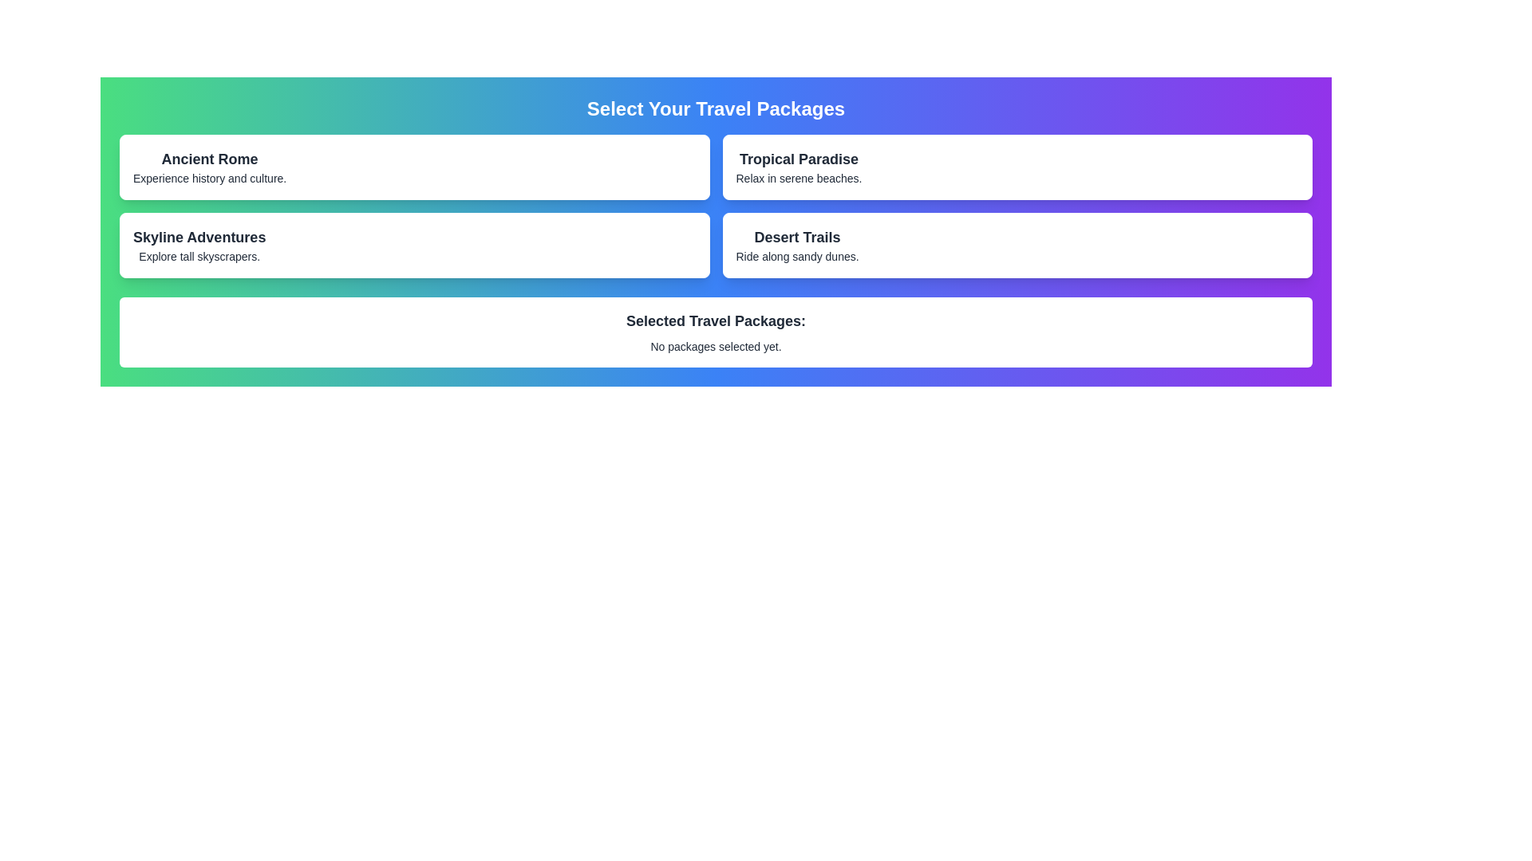  What do you see at coordinates (797, 246) in the screenshot?
I see `the textual element that describes a travel package option, located in the second column, second row of the grid layout, positioned between 'Tropical Paradise' and 'Selected Travel Packages'` at bounding box center [797, 246].